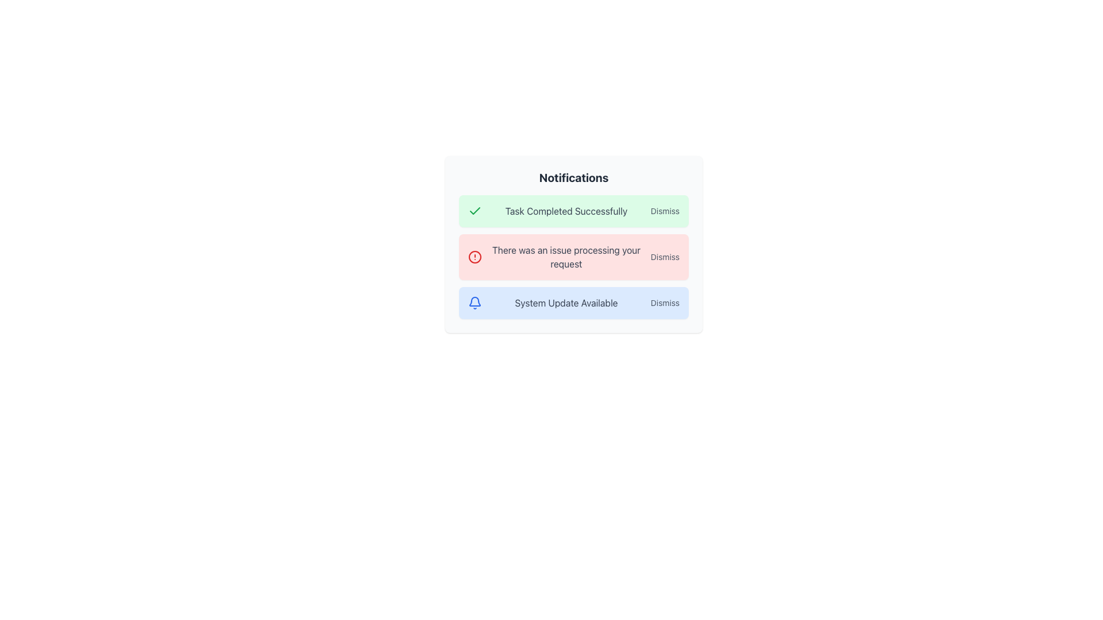 The height and width of the screenshot is (620, 1103). What do you see at coordinates (566, 256) in the screenshot?
I see `the text label that informs the user of an issue or error, located in the second notification row between 'Task Completed Successfully' and 'System Update Available'` at bounding box center [566, 256].